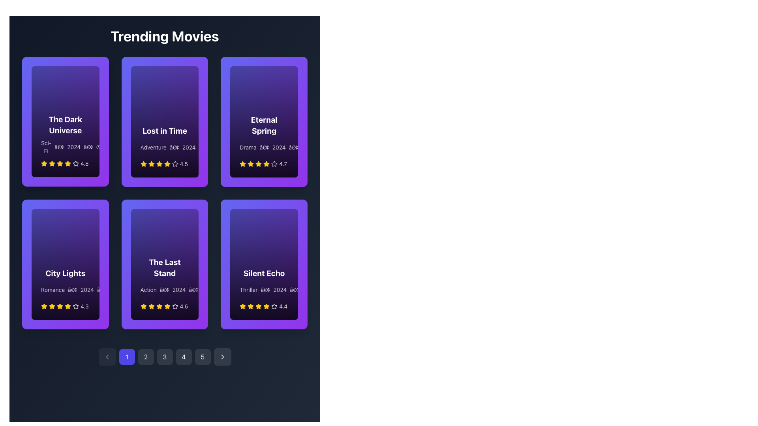 This screenshot has height=426, width=758. I want to click on the fourth star icon in the rating component for the movie 'Silent Echo', located in the bottom-right corner of the card, so click(259, 306).